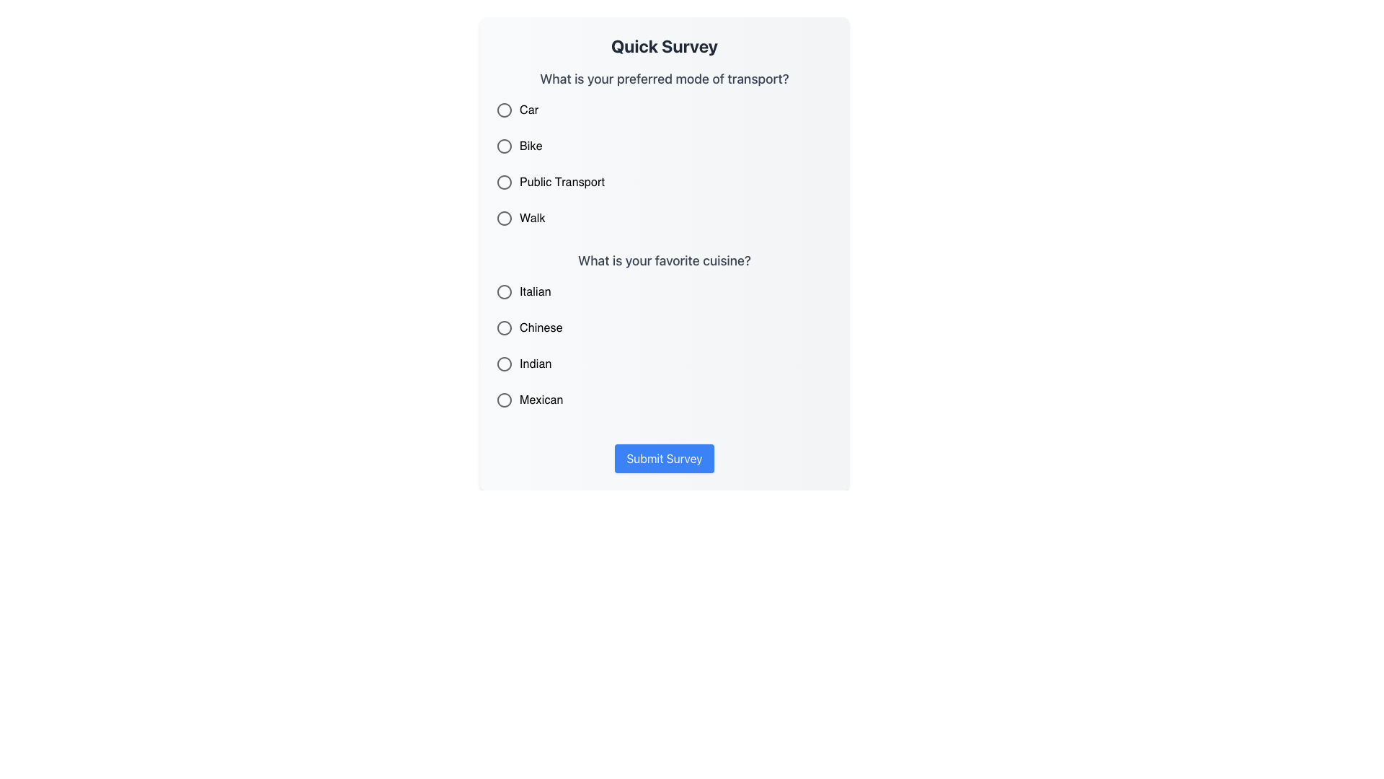 Image resolution: width=1384 pixels, height=779 pixels. I want to click on the text label reading 'Walk', which is the fourth option under the question 'What is your preferred mode of transport?', so click(531, 219).